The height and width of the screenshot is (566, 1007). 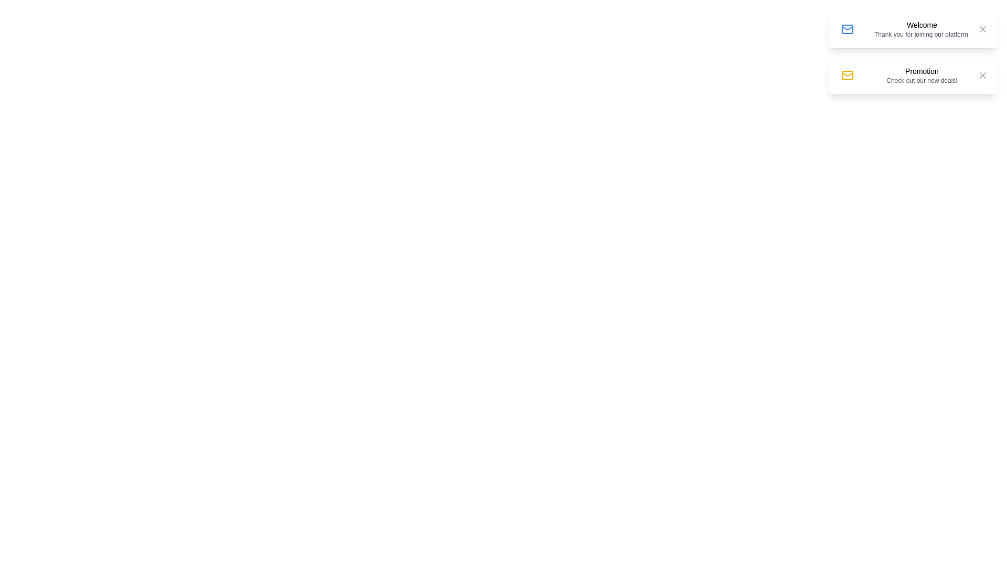 I want to click on small square envelope icon with yellow lines located in the top-left corner of the 'Promotion' notification card, so click(x=848, y=74).